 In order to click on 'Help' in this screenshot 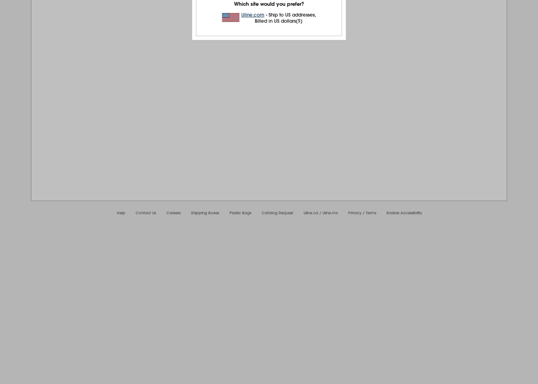, I will do `click(121, 213)`.